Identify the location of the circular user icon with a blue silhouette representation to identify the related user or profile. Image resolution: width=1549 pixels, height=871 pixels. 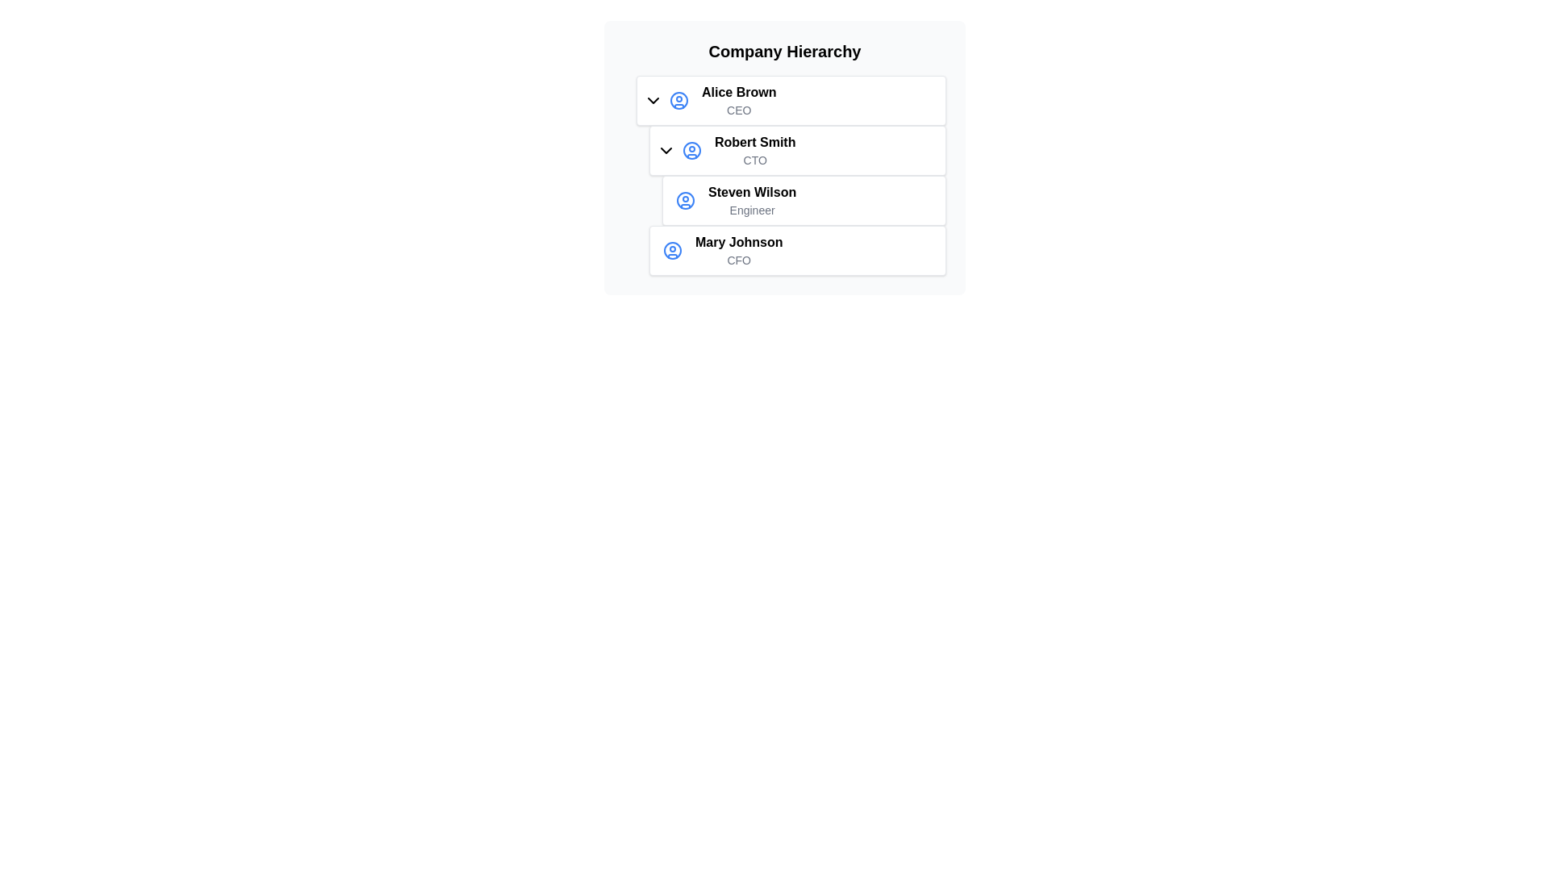
(692, 150).